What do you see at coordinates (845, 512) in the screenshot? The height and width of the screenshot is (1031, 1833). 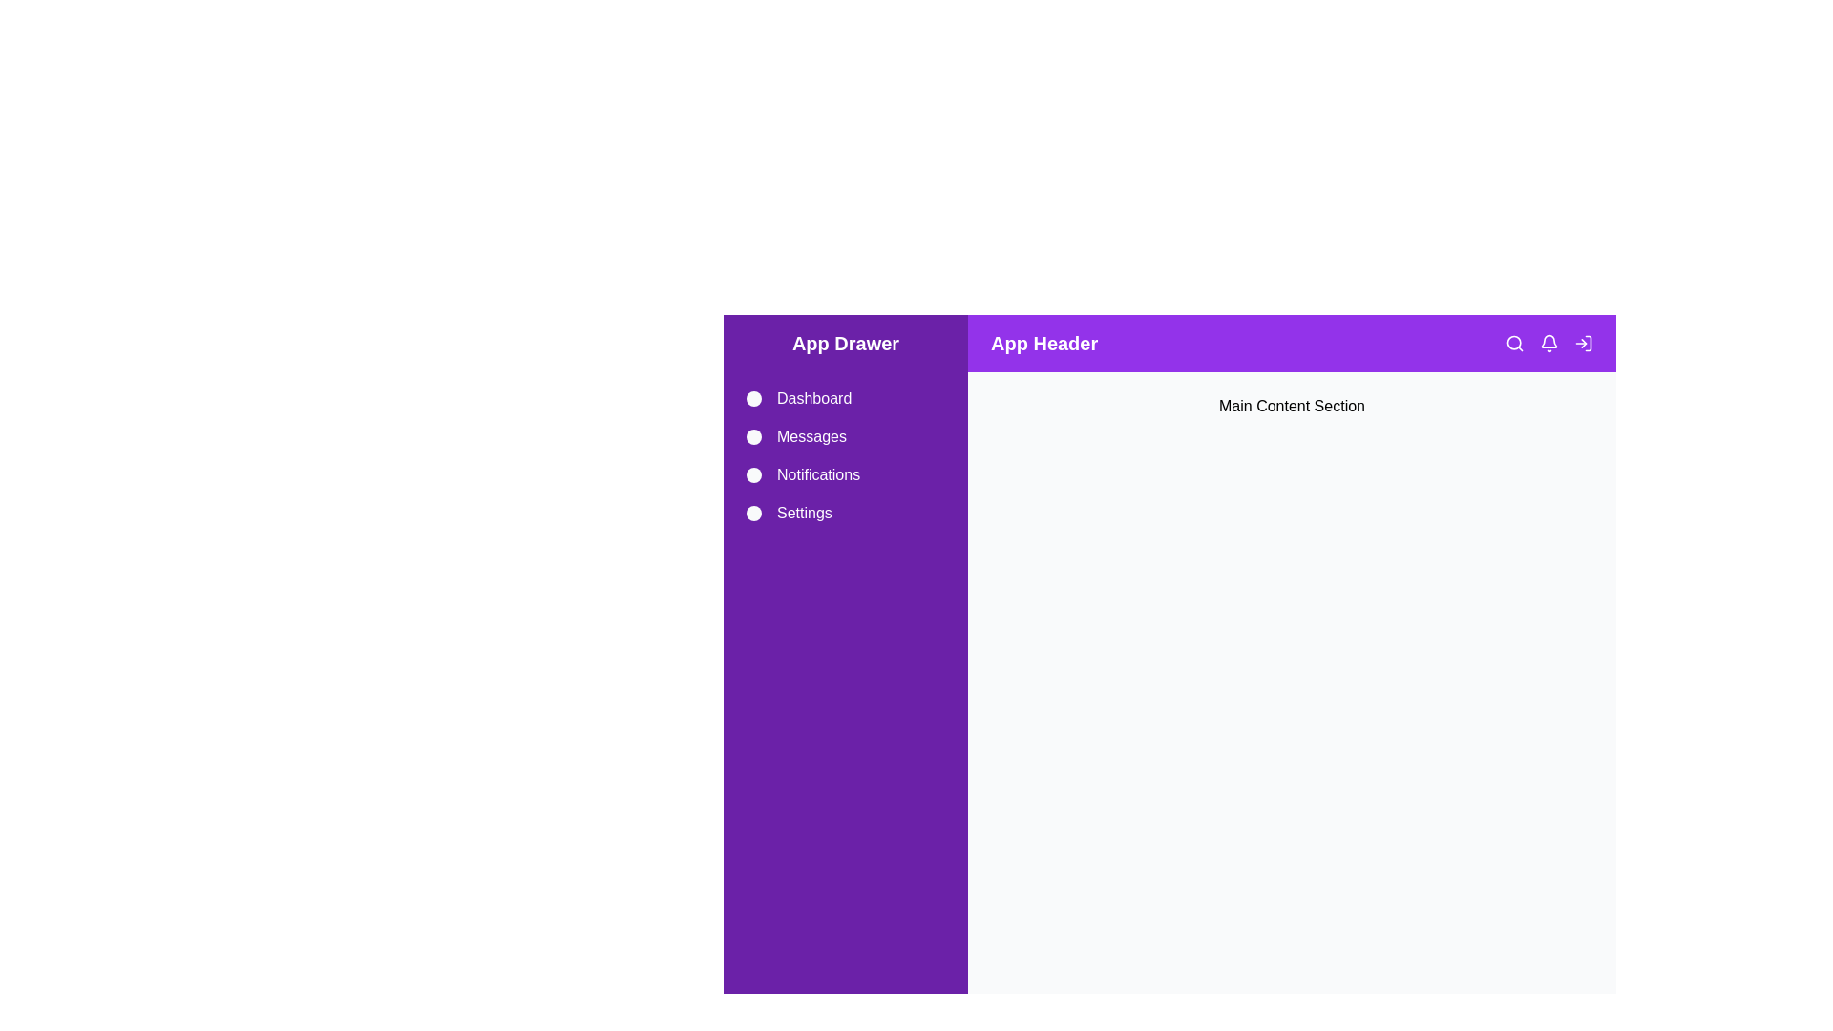 I see `the Settings drawer item to navigate` at bounding box center [845, 512].